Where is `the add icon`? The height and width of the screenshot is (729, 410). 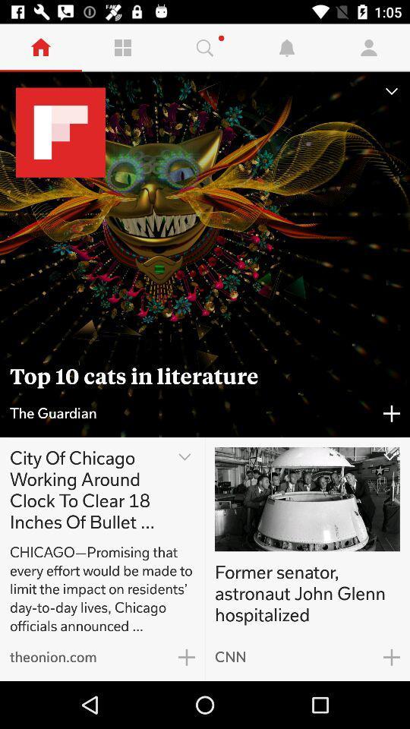 the add icon is located at coordinates (392, 656).